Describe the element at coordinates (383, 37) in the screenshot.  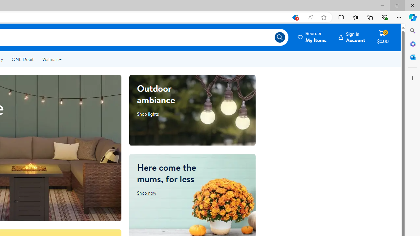
I see `'Cart contains 0 items Total Amount $0.00'` at that location.